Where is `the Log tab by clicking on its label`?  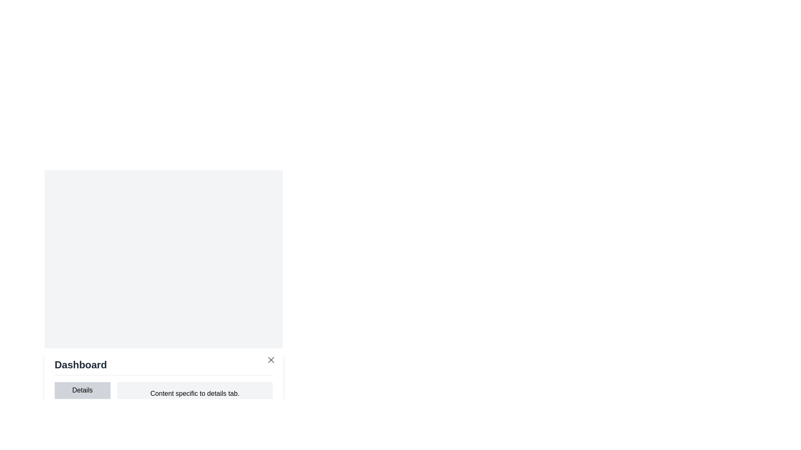
the Log tab by clicking on its label is located at coordinates (82, 424).